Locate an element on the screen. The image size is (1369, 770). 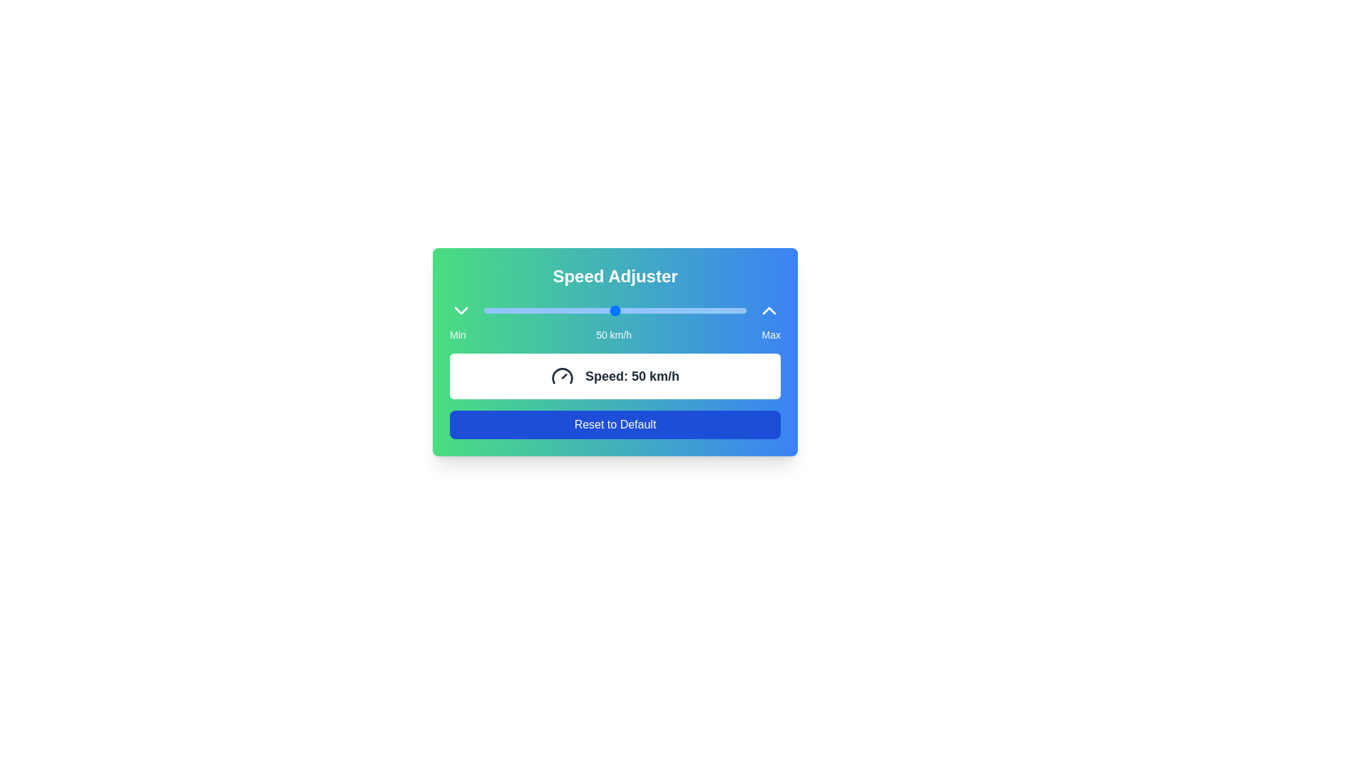
current speed value displayed in the text component located within a white rectangular box, positioned to the right of a gauge icon is located at coordinates (632, 376).